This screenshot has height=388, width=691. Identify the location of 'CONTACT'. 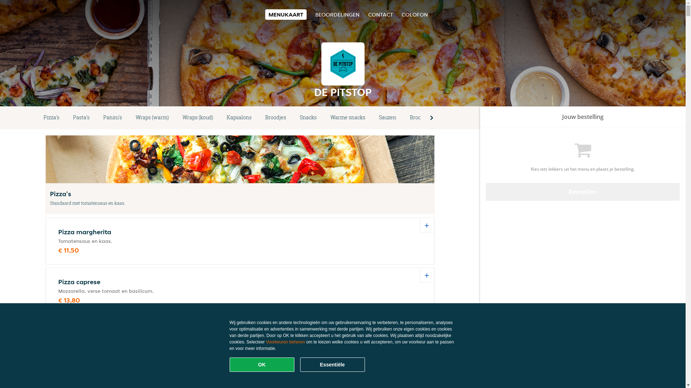
(380, 14).